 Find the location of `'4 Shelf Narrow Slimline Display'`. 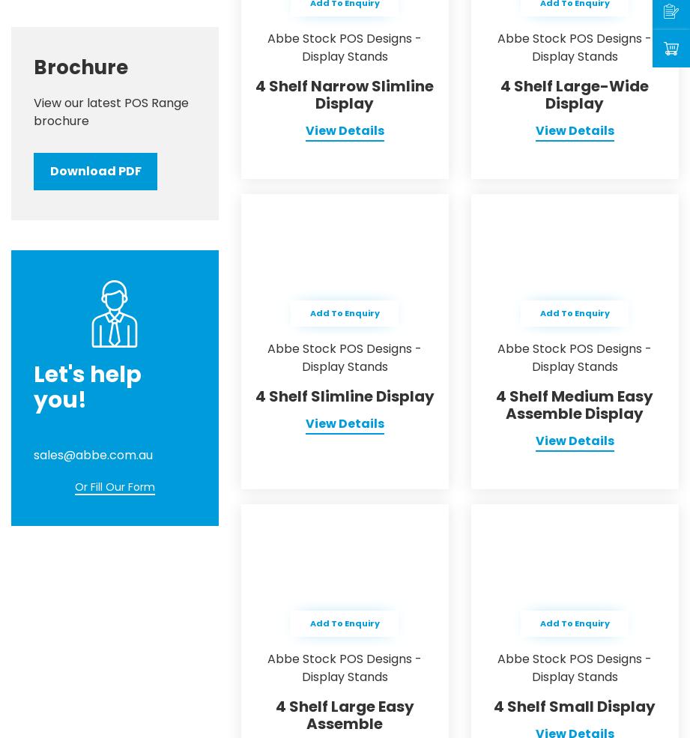

'4 Shelf Narrow Slimline Display' is located at coordinates (255, 94).